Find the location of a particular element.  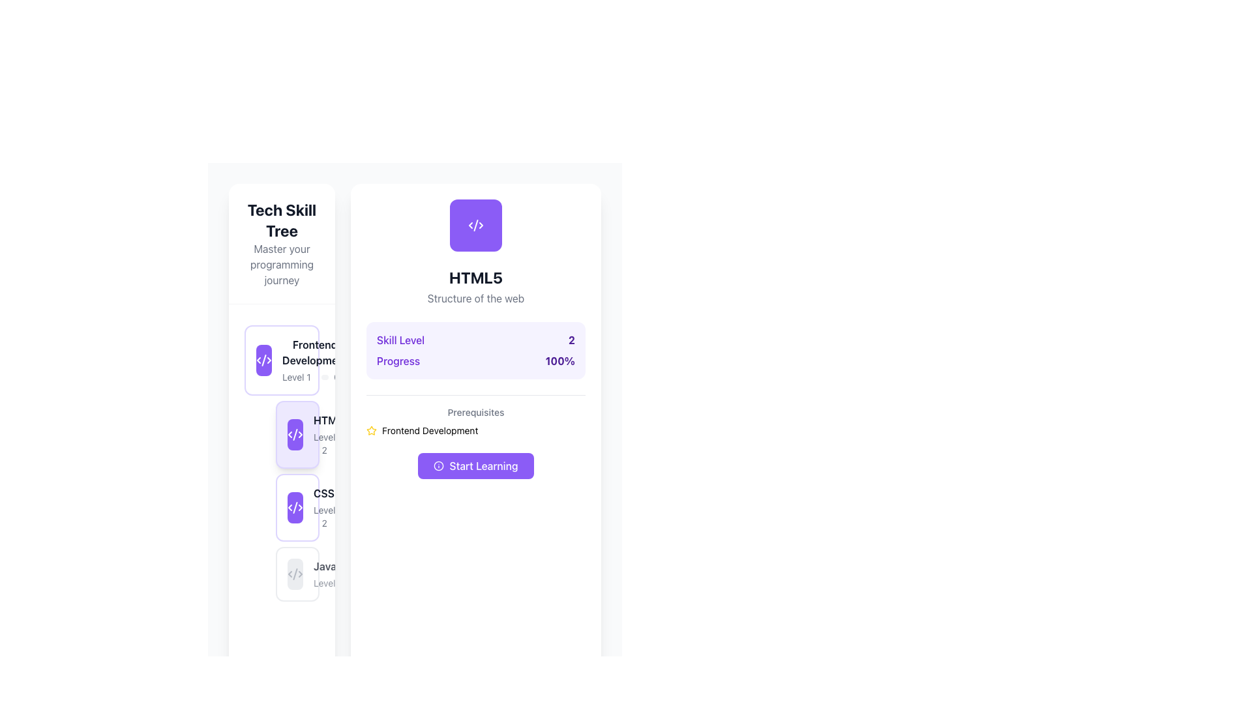

information from the 'Prerequisites' section, which includes the title and the line of text 'Frontend Development' accompanied by a small yellow star icon is located at coordinates (475, 416).